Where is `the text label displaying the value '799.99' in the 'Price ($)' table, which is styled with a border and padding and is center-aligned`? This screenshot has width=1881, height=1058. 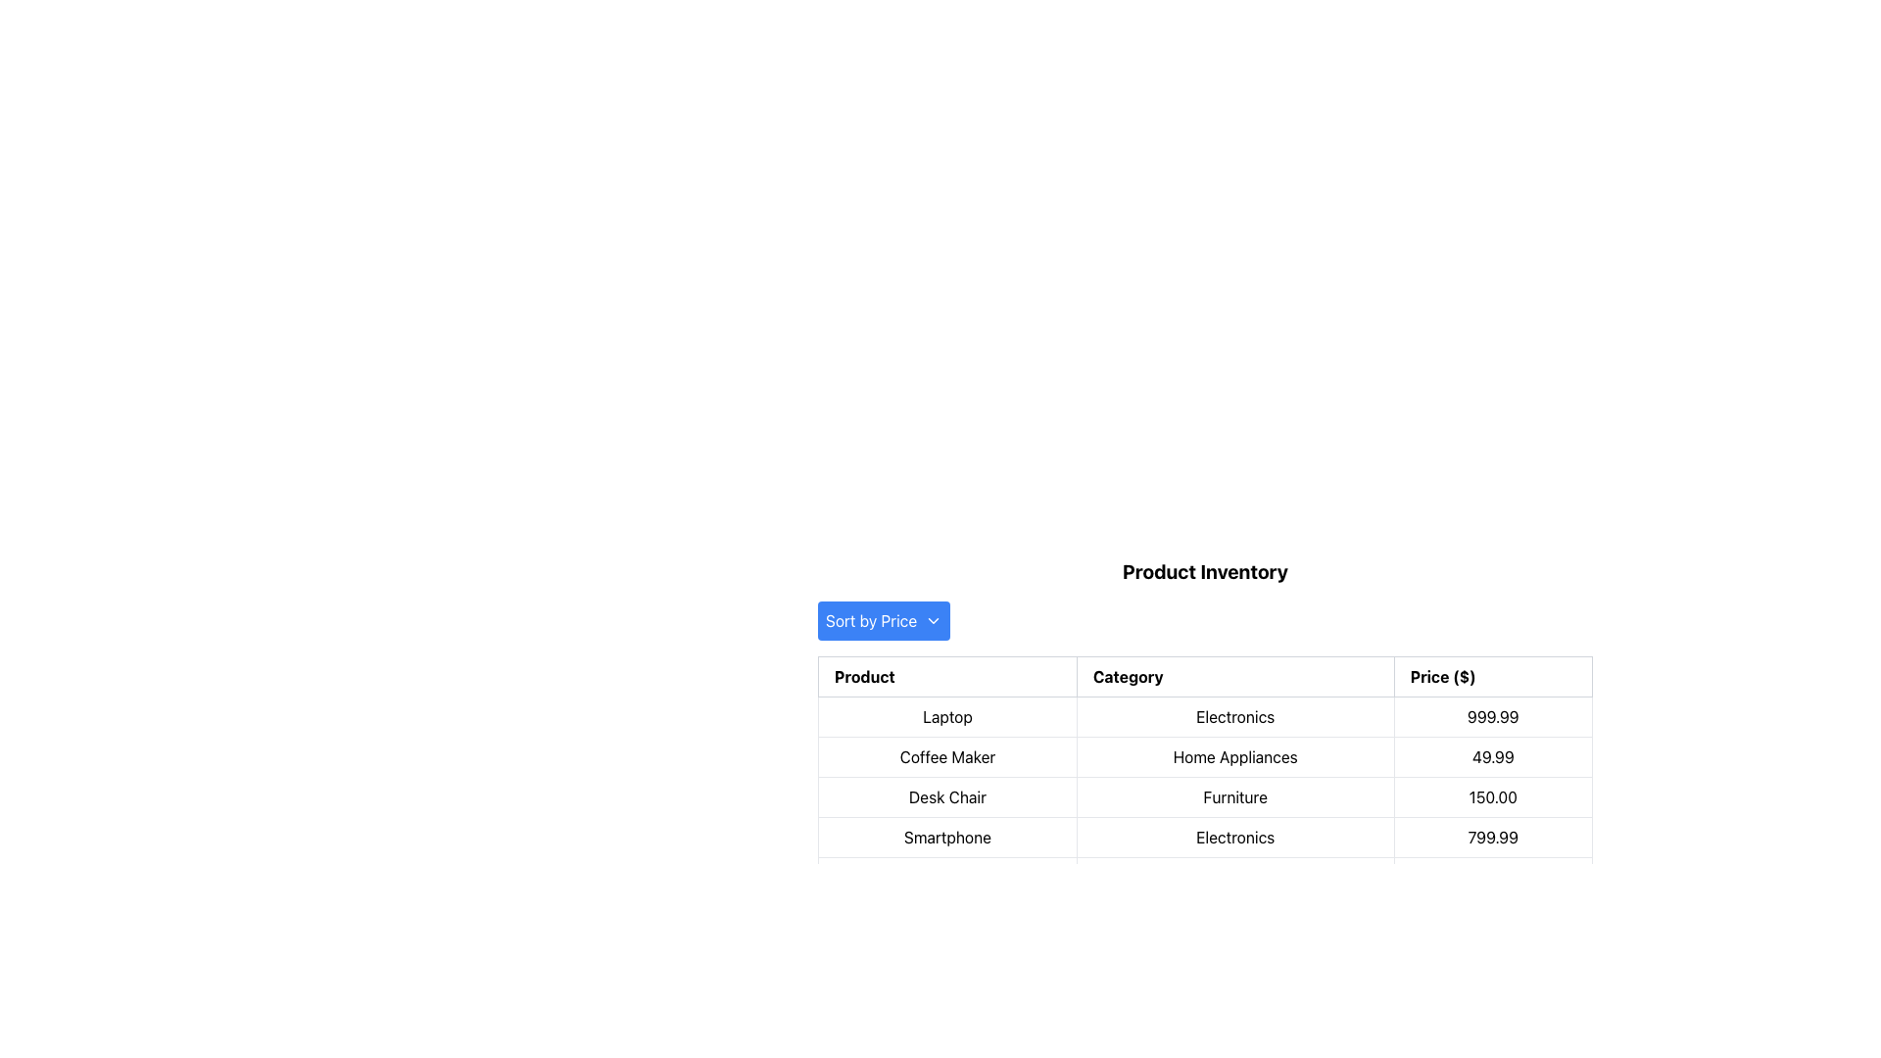
the text label displaying the value '799.99' in the 'Price ($)' table, which is styled with a border and padding and is center-aligned is located at coordinates (1492, 838).